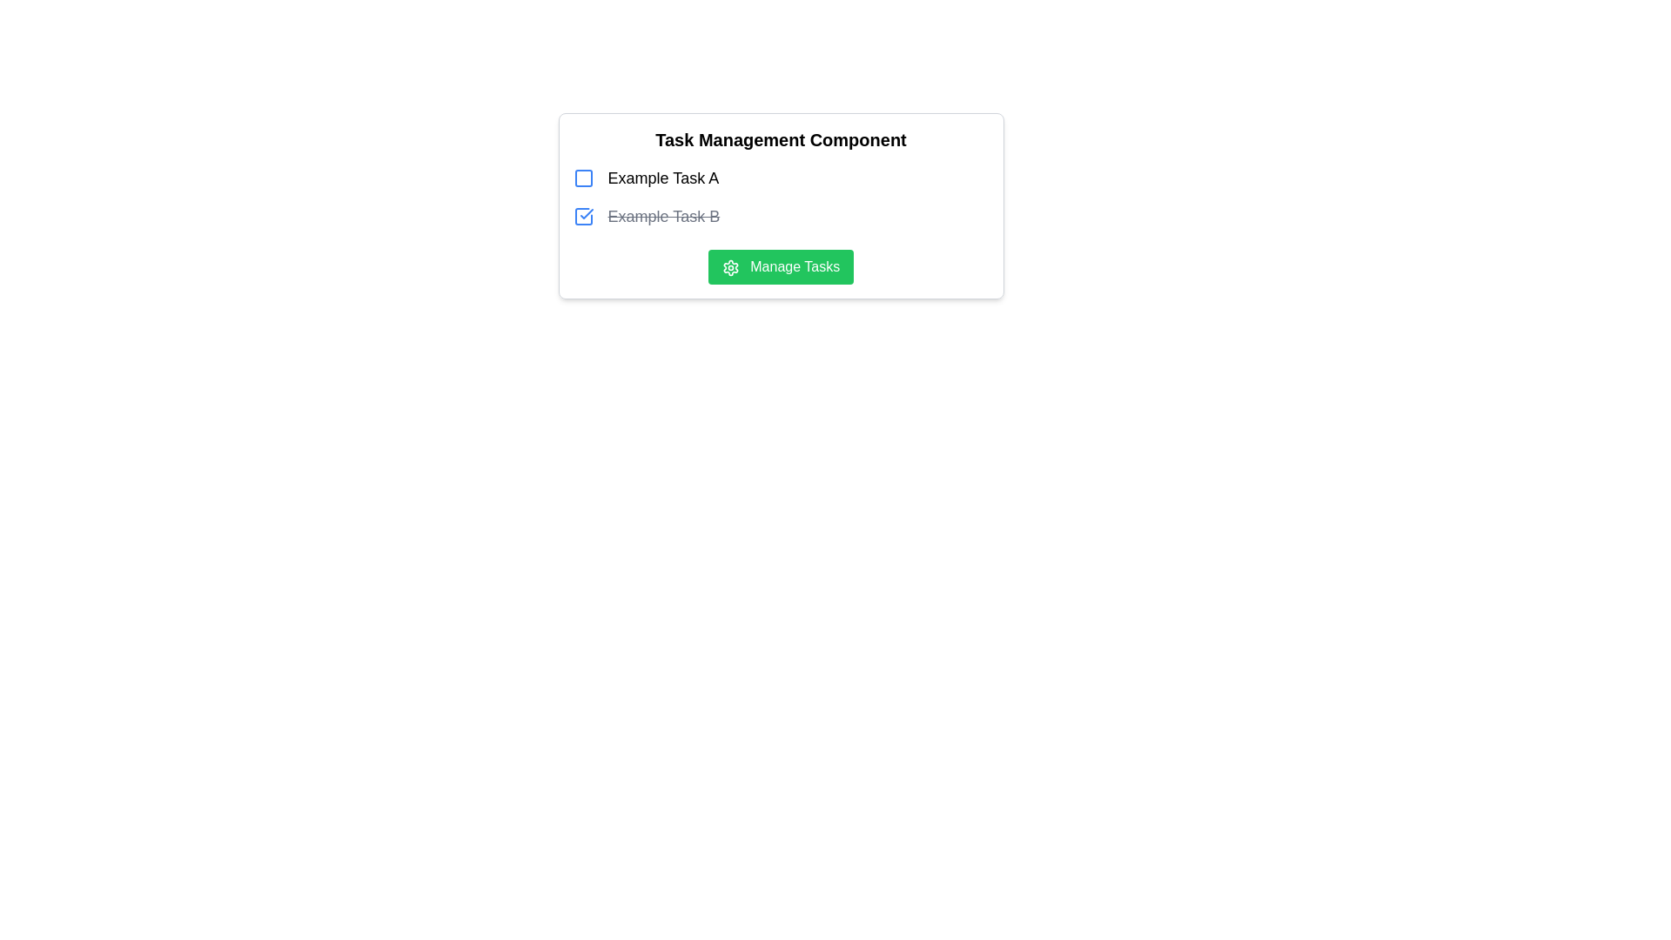 This screenshot has height=940, width=1671. Describe the element at coordinates (583, 178) in the screenshot. I see `the first task status icon in the task list, located at the top-left corner of the list` at that location.